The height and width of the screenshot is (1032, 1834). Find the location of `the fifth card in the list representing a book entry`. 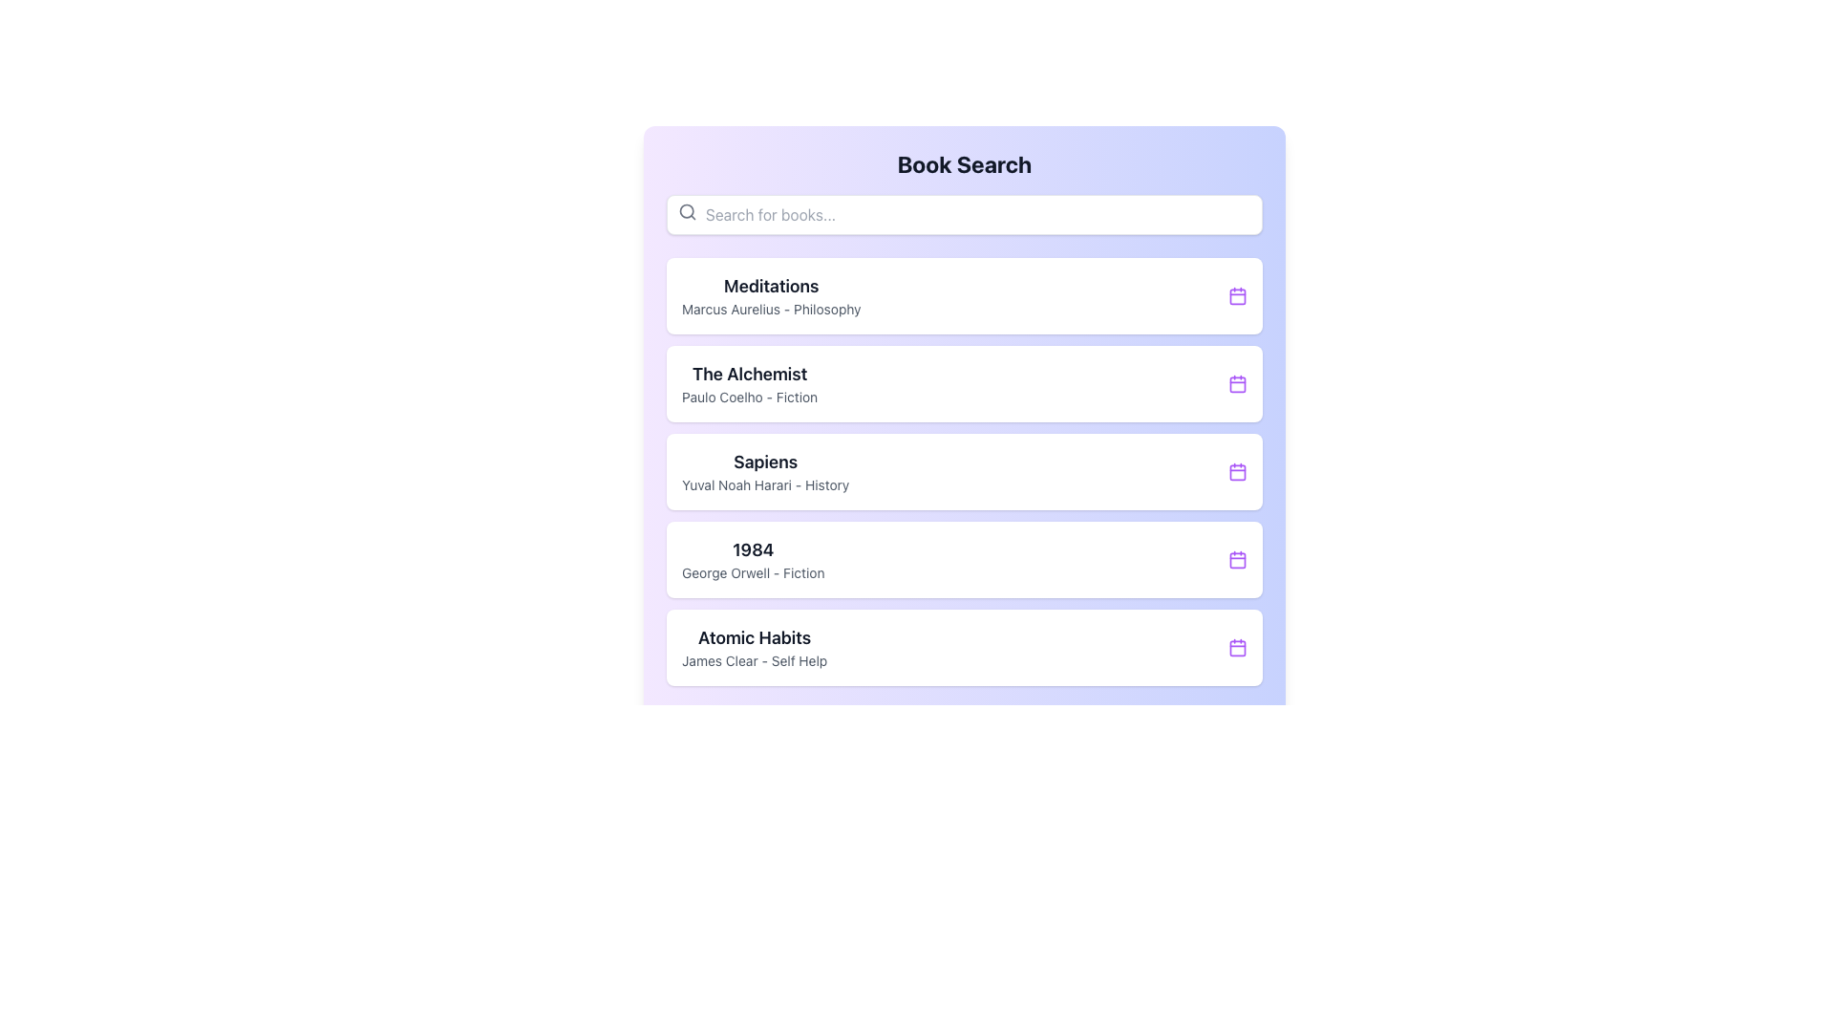

the fifth card in the list representing a book entry is located at coordinates (964, 647).